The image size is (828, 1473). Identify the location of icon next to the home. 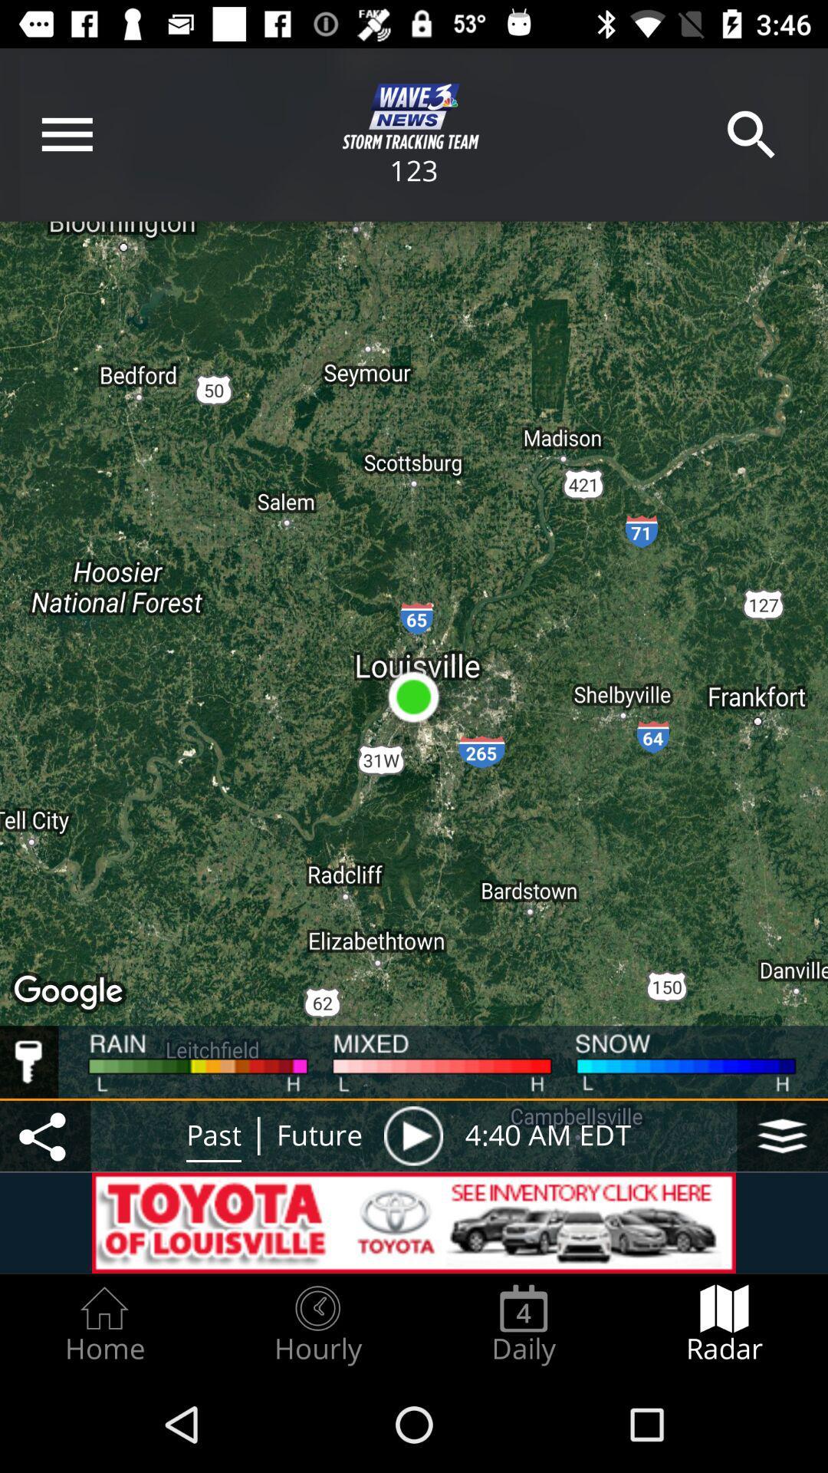
(317, 1324).